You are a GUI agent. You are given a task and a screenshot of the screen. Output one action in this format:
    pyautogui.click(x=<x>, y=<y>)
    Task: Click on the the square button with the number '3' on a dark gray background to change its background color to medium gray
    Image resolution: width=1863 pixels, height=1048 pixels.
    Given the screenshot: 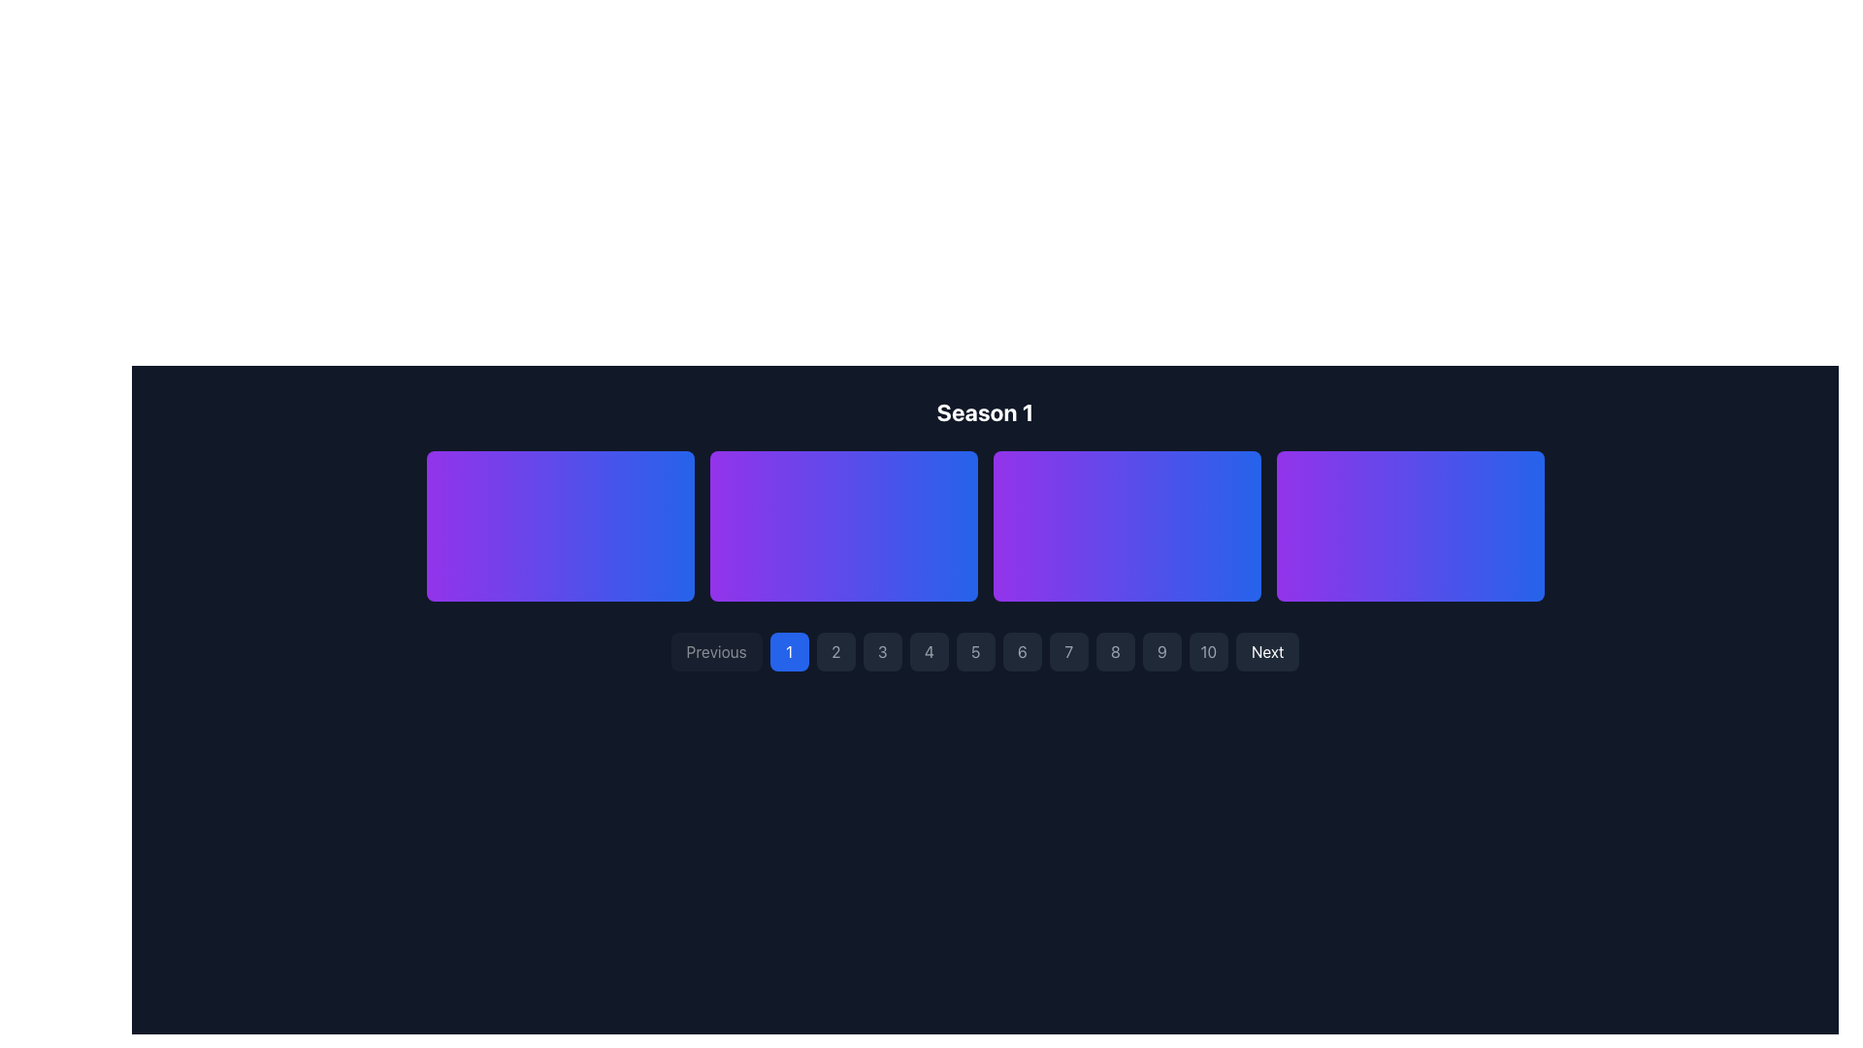 What is the action you would take?
    pyautogui.click(x=881, y=652)
    